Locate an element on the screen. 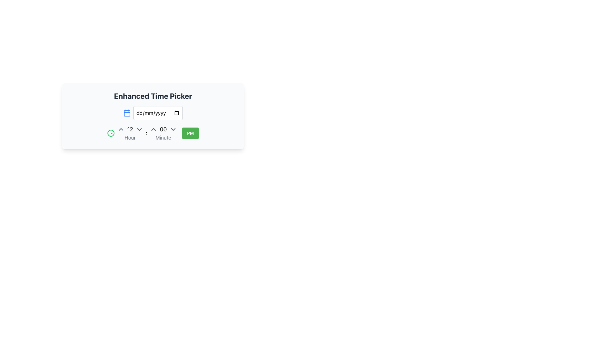 Image resolution: width=607 pixels, height=341 pixels. the upward adjustment button located to the immediate left of the numeric display '12' in the hour picker interface to indicate interactivity is located at coordinates (121, 129).